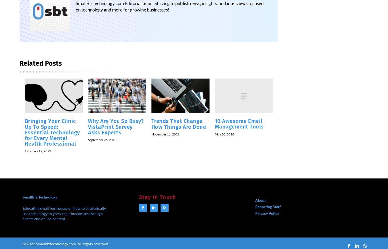 This screenshot has width=388, height=249. I want to click on 'September 26, 2018', so click(88, 143).